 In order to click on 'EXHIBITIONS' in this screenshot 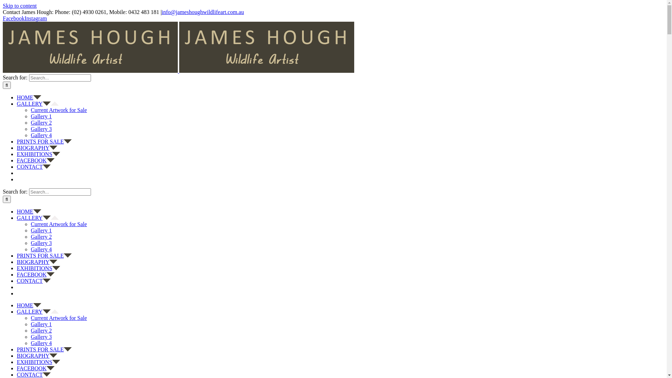, I will do `click(38, 154)`.